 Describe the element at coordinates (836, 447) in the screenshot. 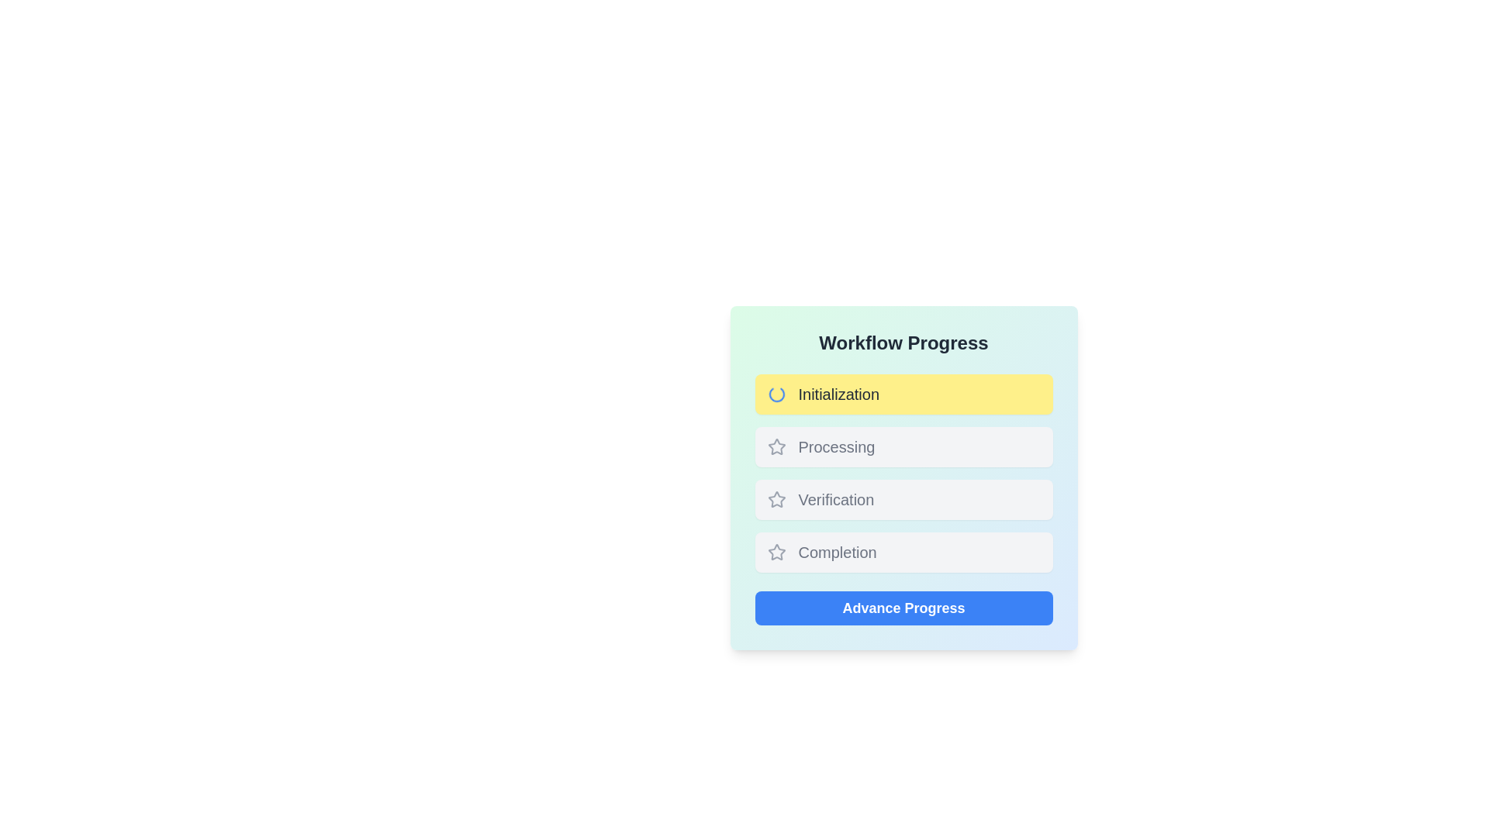

I see `the text label displaying the current step or status as 'Processing', which is positioned to the right of a star-shaped icon in the Workflow Progress list box` at that location.